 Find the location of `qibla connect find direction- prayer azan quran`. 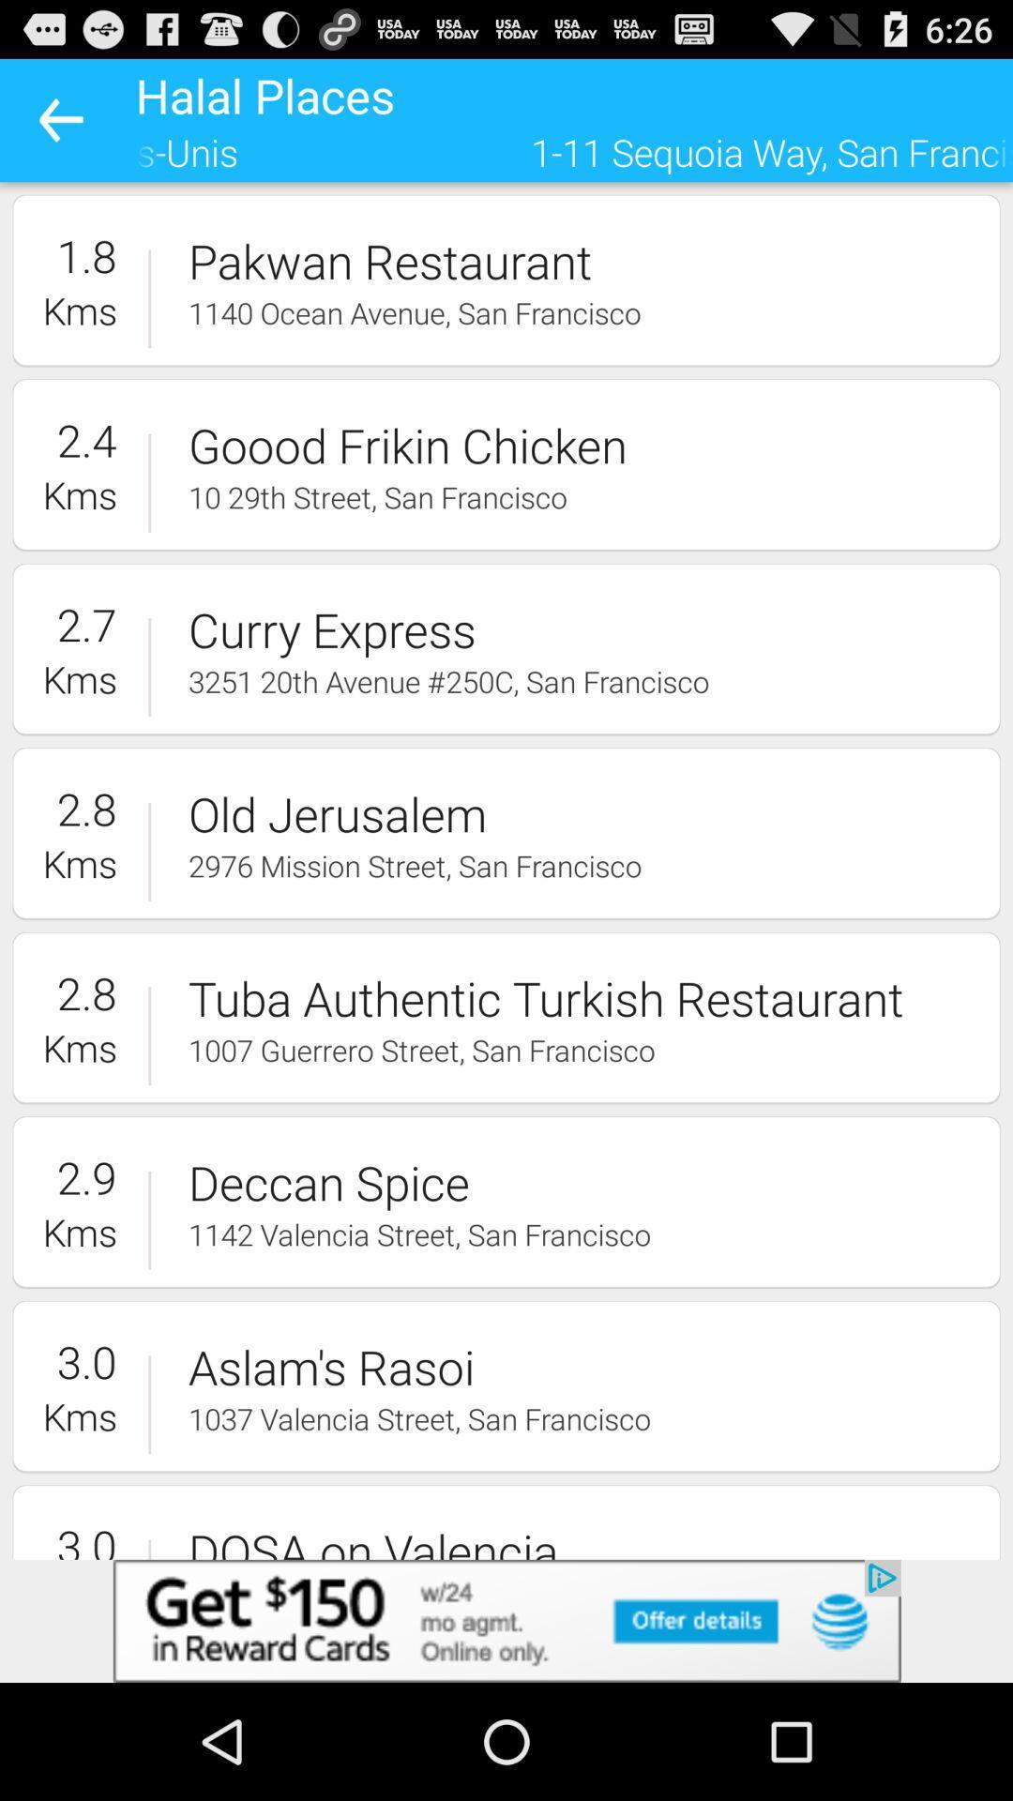

qibla connect find direction- prayer azan quran is located at coordinates (506, 1620).